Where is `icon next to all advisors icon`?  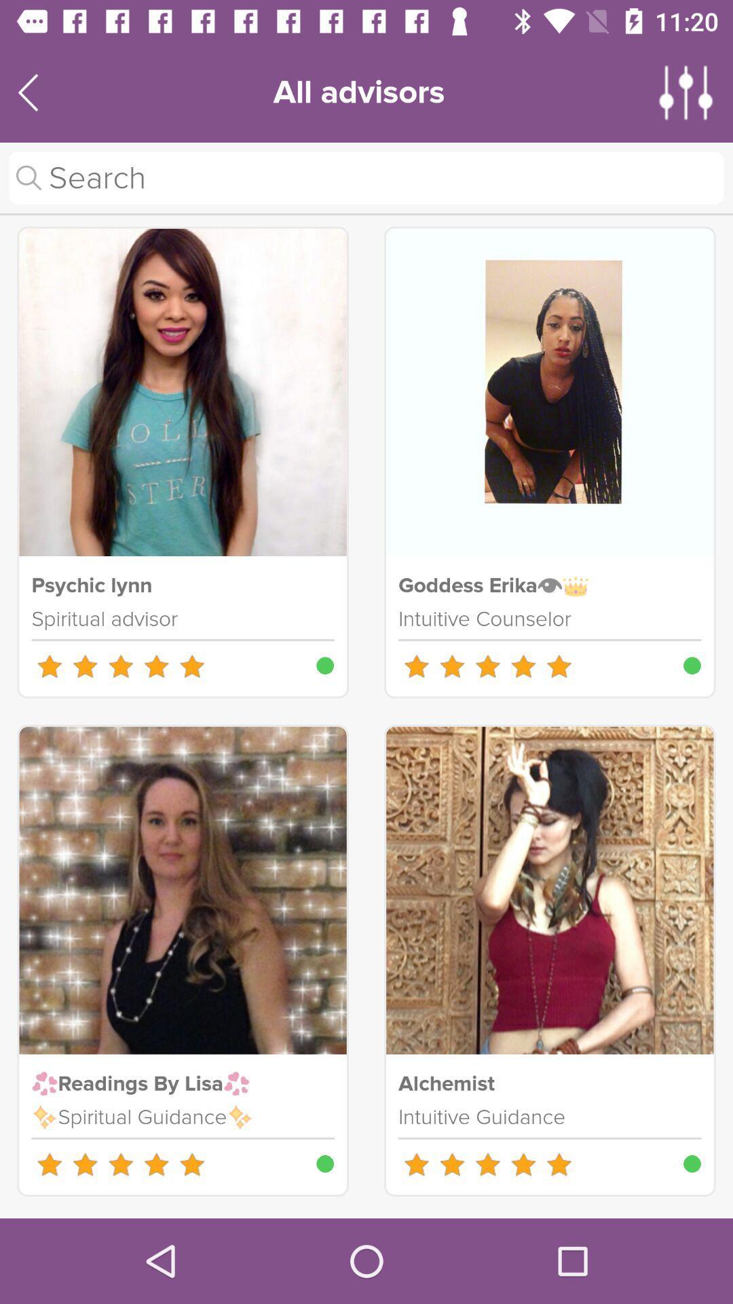 icon next to all advisors icon is located at coordinates (686, 92).